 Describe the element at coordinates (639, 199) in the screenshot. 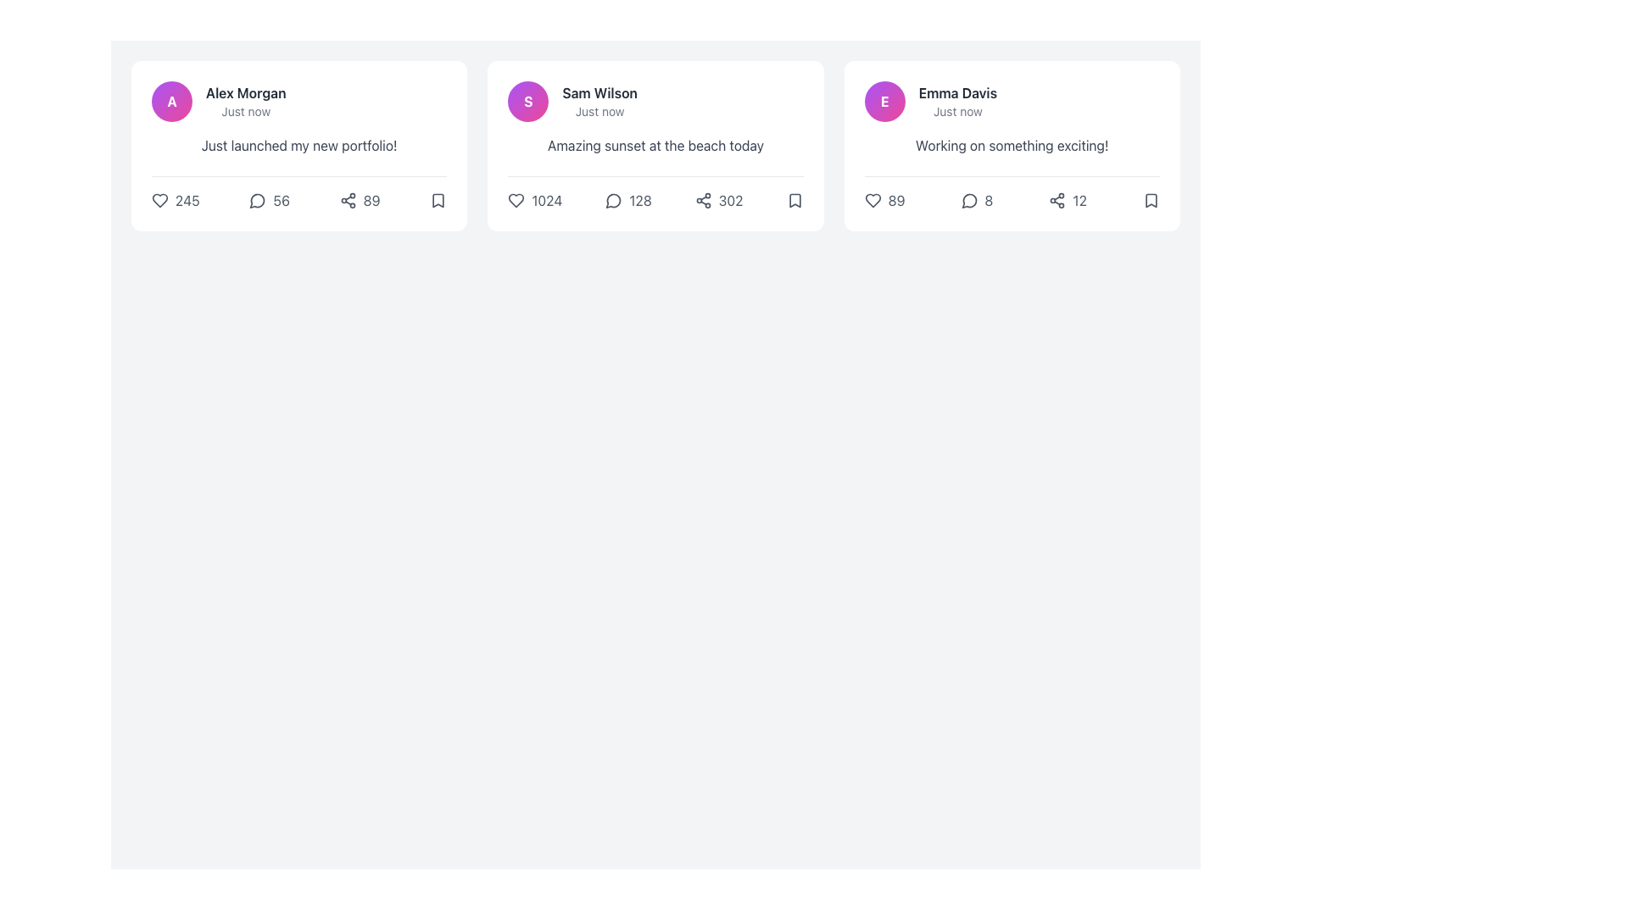

I see `the text label that displays the number of comments for a post, located to the right of the comment icon` at that location.